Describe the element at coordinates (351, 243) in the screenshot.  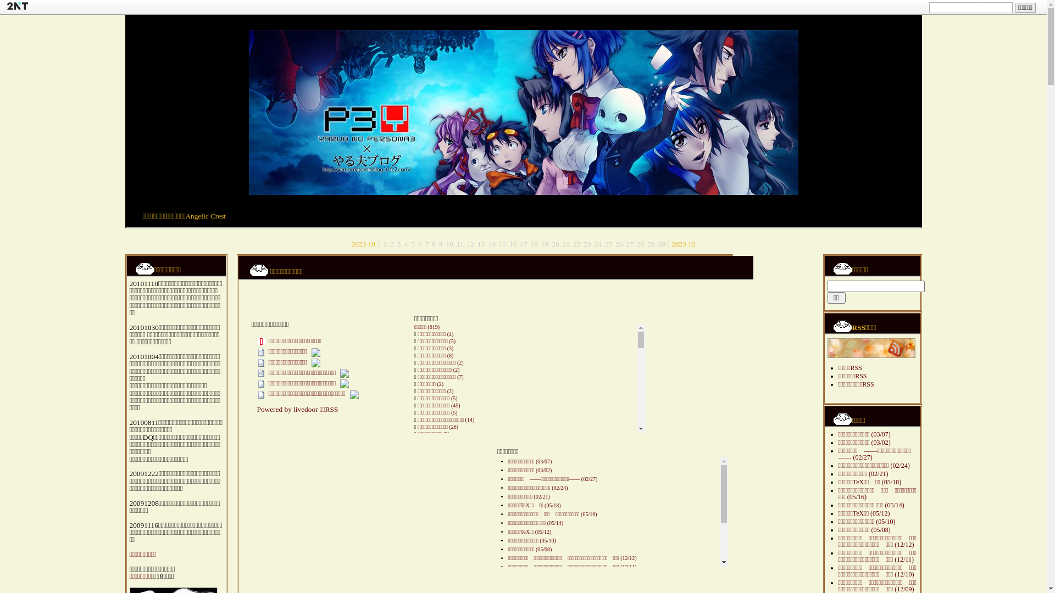
I see `'2023 10'` at that location.